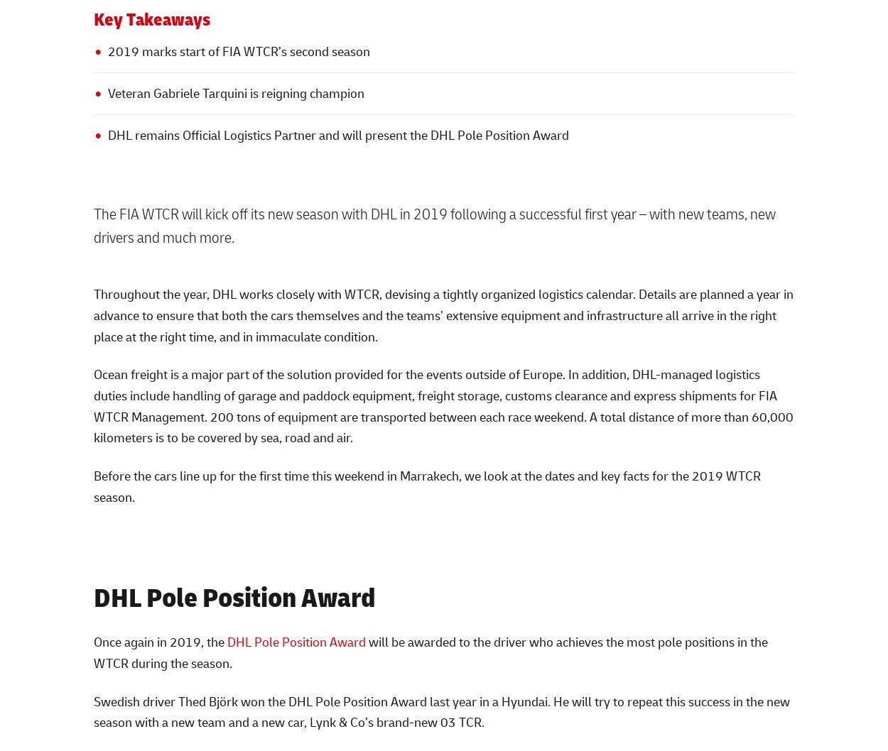 This screenshot has height=751, width=888. I want to click on 'Before the cars line up for the first time this weekend in Marrakech, we look at the dates and key facts for the 2019 WTCR season.', so click(426, 485).